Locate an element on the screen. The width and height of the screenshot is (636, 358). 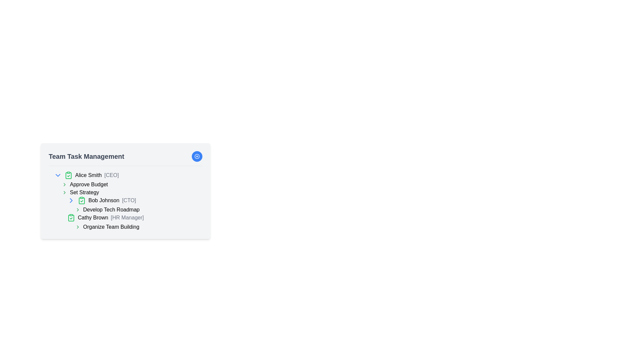
the text element 'Bob Johnson [CTO] Develop Tech Roadmap' which is styled as a hierarchical list item under 'Team Task Management' is located at coordinates (134, 205).